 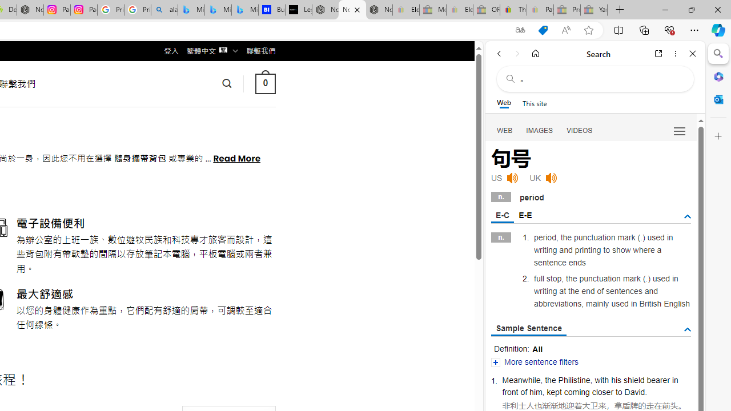 What do you see at coordinates (519, 30) in the screenshot?
I see `'Show translate options'` at bounding box center [519, 30].